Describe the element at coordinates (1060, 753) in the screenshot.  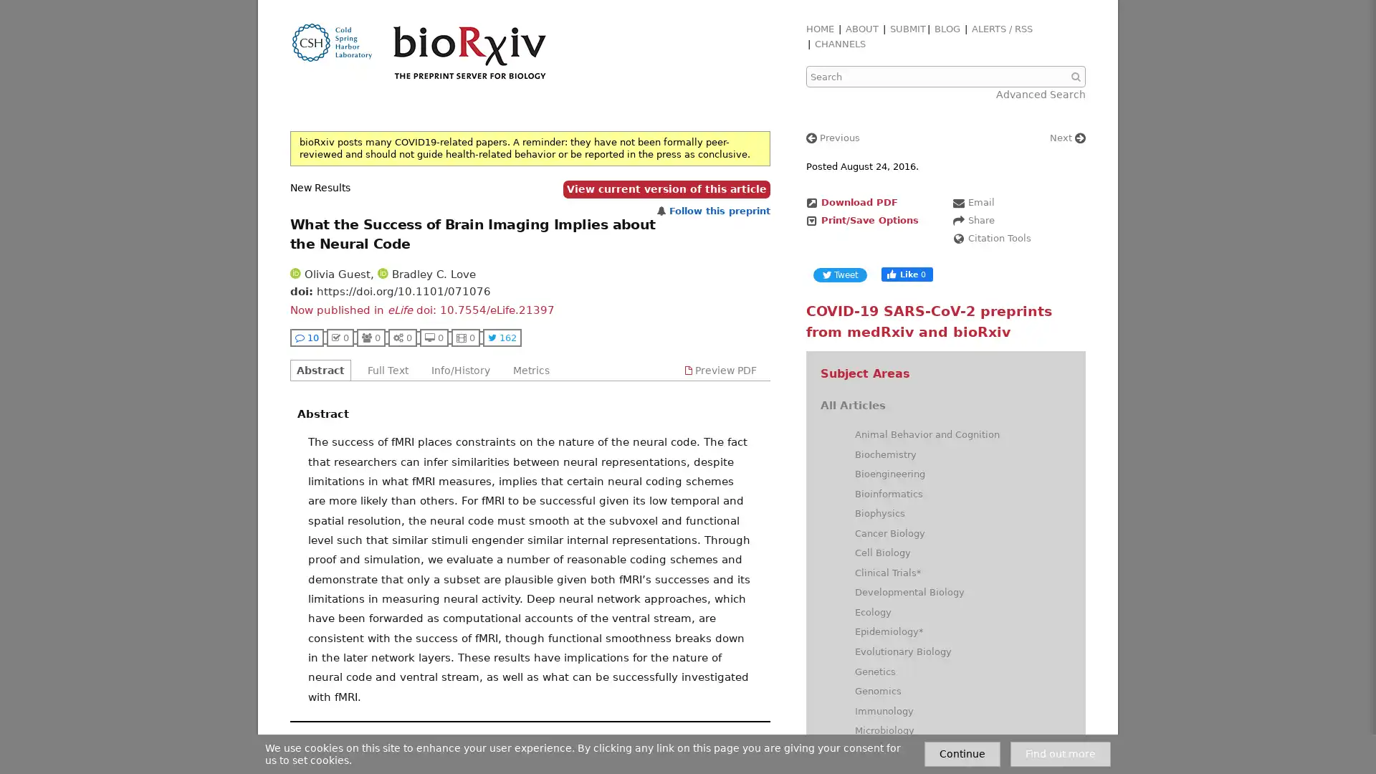
I see `Find out more` at that location.